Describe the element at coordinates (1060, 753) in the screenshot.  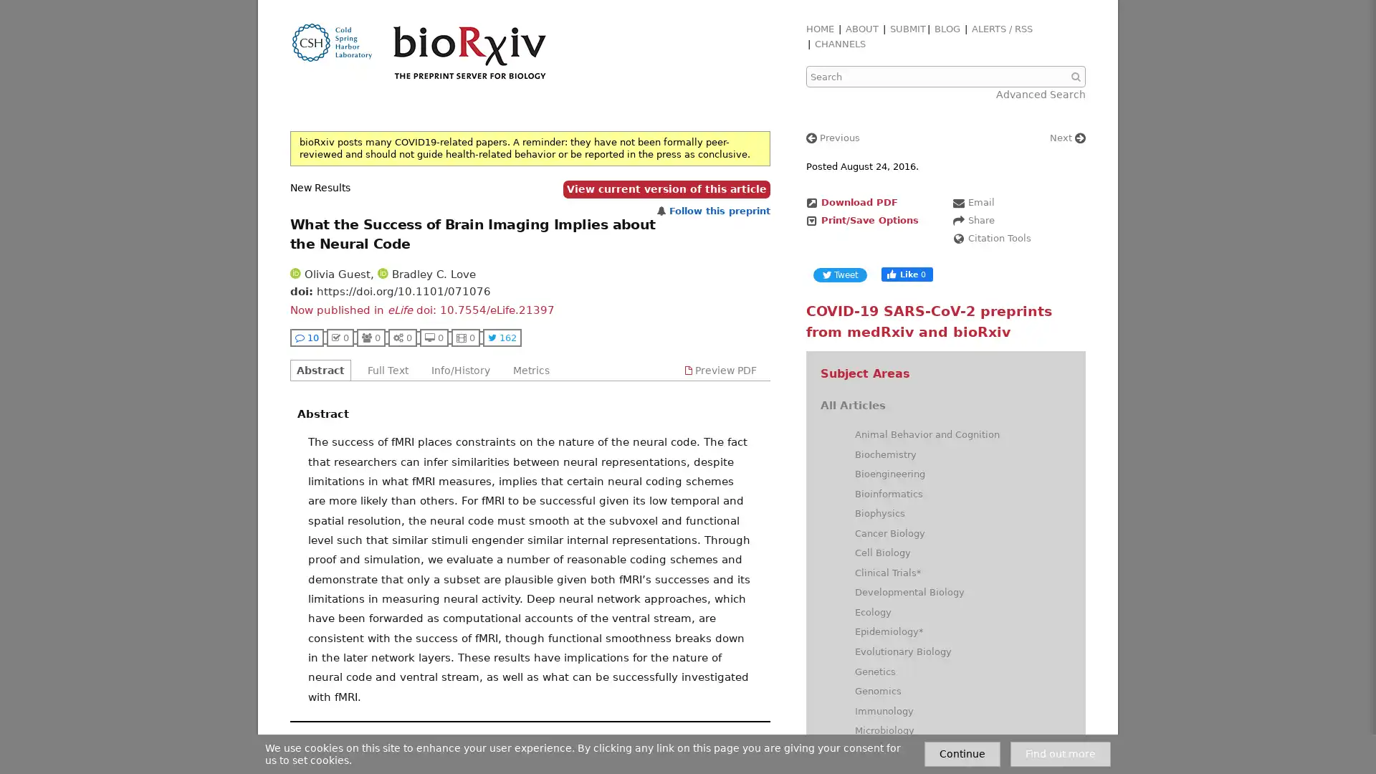
I see `Find out more` at that location.